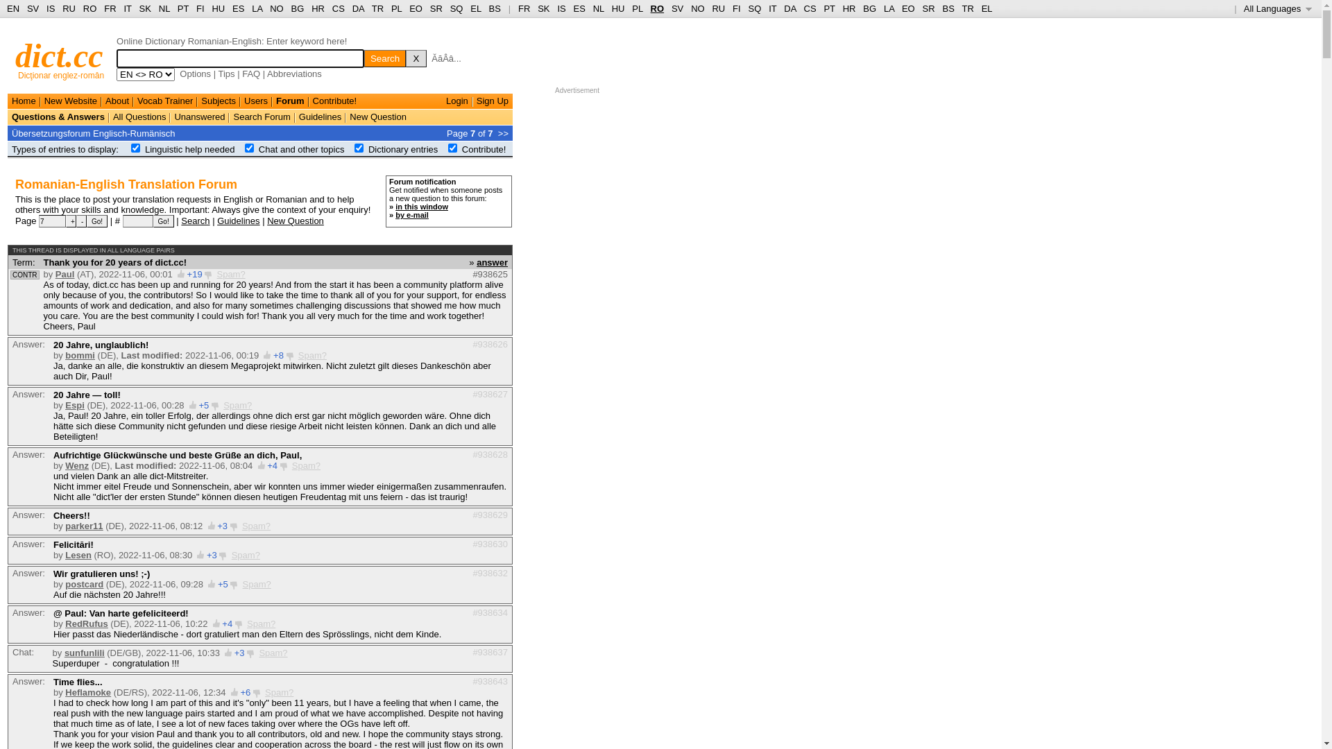  I want to click on 'Spam?', so click(237, 405).